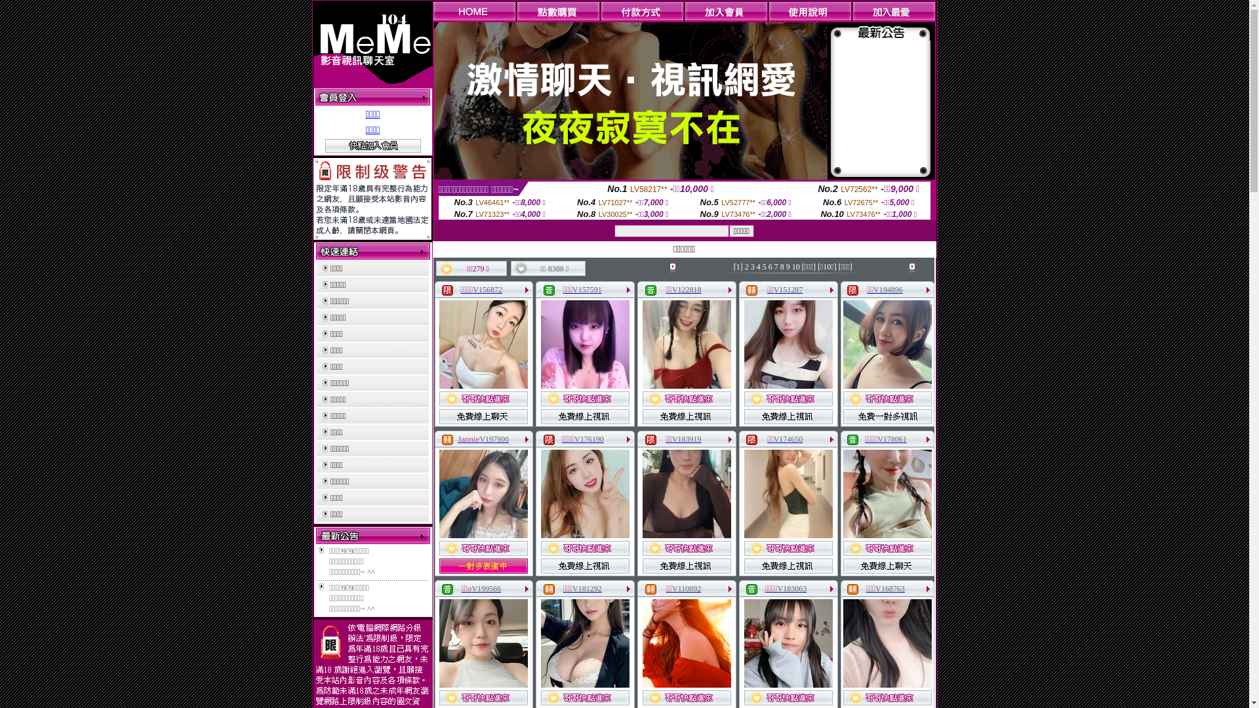  I want to click on 'V197900', so click(493, 439).